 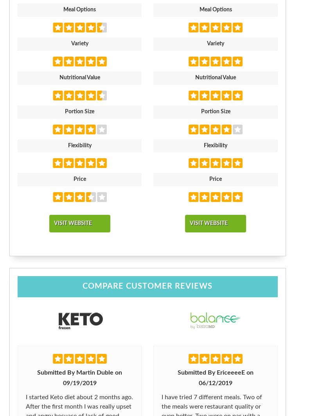 What do you see at coordinates (79, 377) in the screenshot?
I see `'Submitted By Martin Duble on 09/19/2019'` at bounding box center [79, 377].